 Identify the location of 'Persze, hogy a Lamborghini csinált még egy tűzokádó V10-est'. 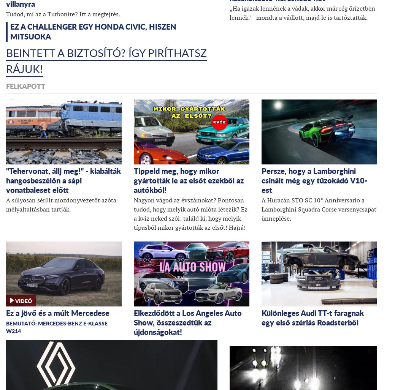
(314, 180).